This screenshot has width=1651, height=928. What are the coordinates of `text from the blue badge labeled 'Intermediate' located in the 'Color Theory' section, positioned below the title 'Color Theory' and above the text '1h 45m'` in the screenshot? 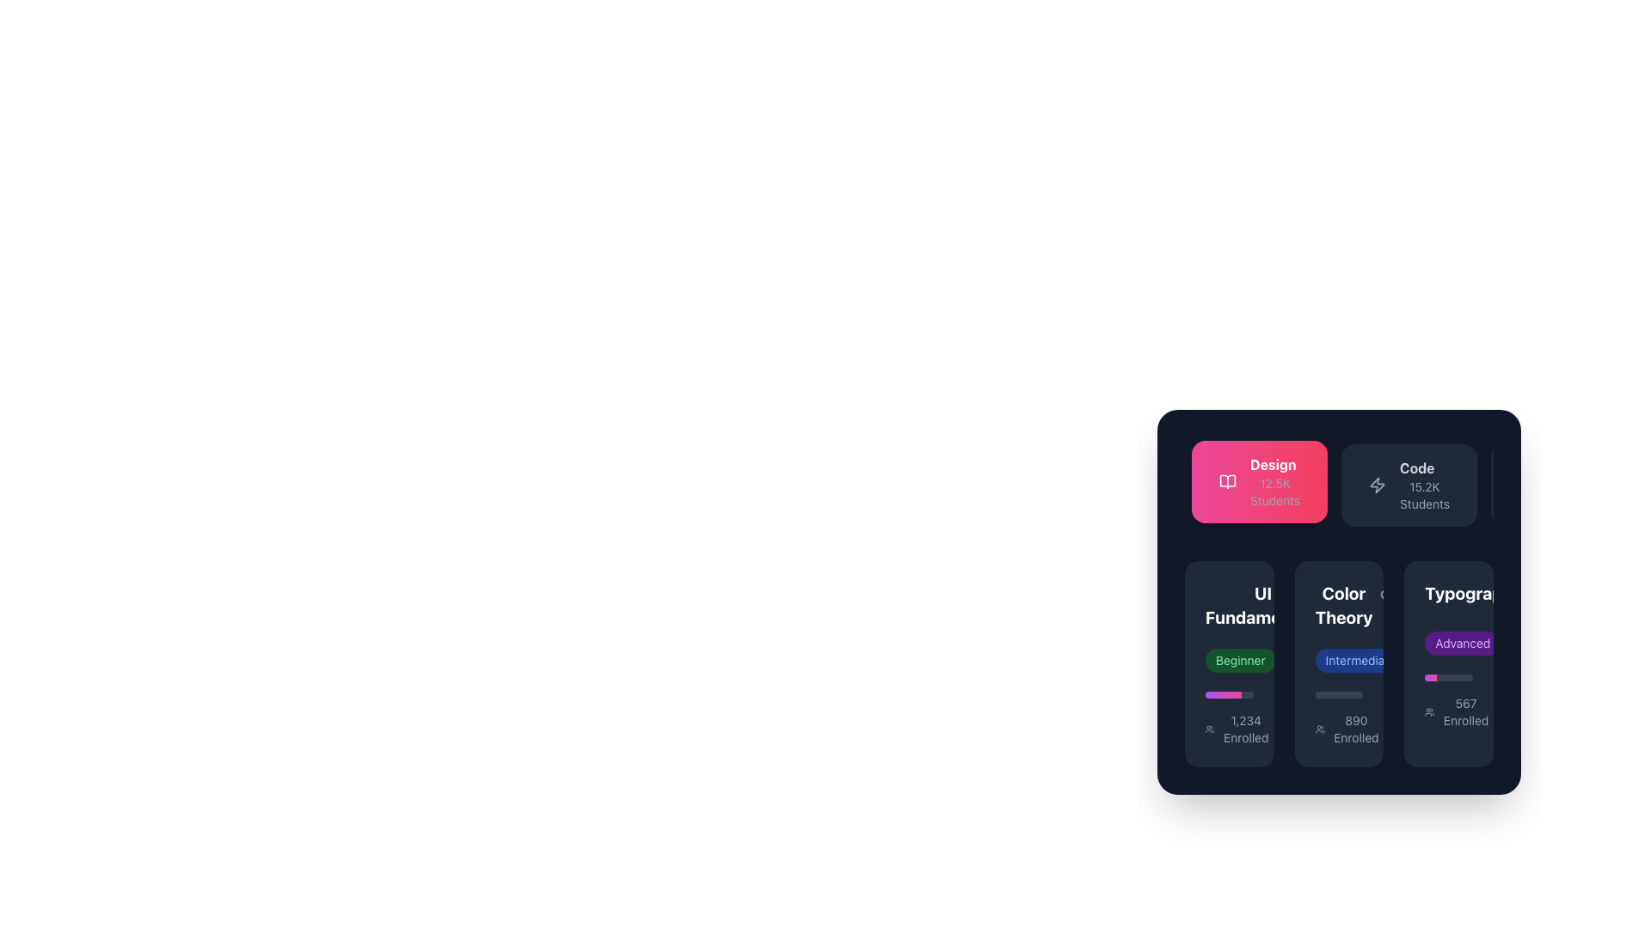 It's located at (1338, 659).